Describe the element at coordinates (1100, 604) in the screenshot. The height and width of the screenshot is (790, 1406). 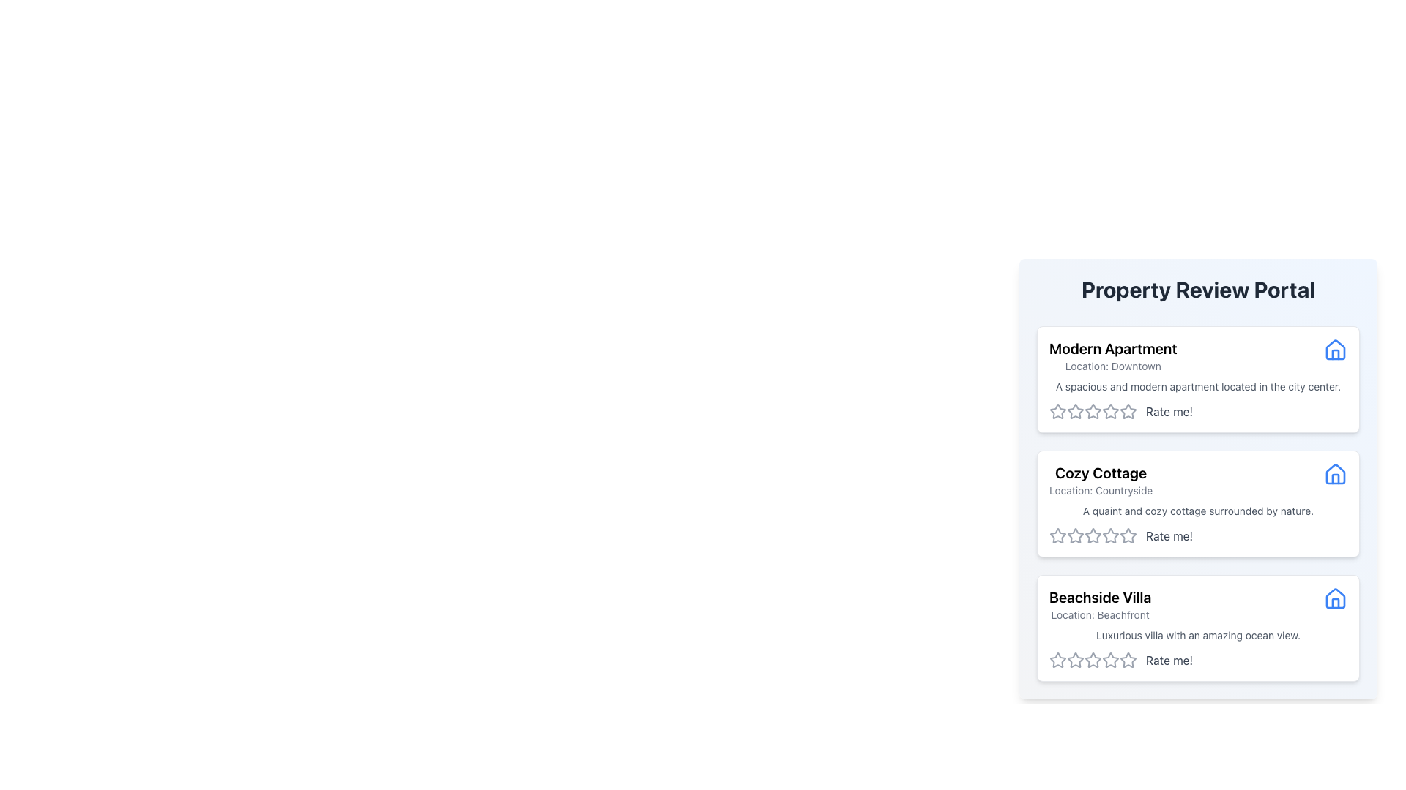
I see `the text label indicating 'Beachside Villa' with the subtitle 'Location: Beachfront' in the third property card` at that location.